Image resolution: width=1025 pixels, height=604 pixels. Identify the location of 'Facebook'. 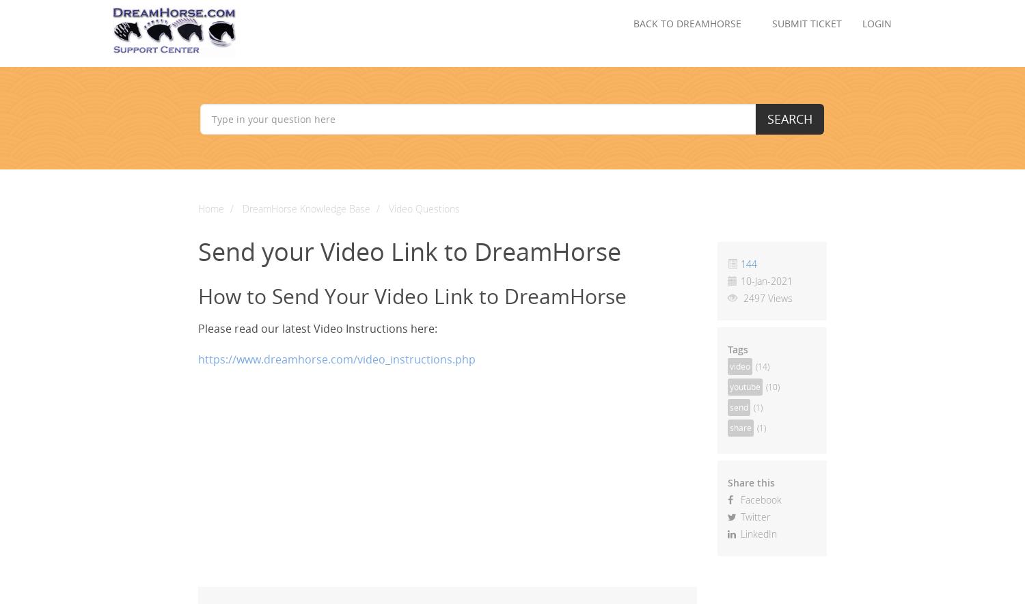
(758, 499).